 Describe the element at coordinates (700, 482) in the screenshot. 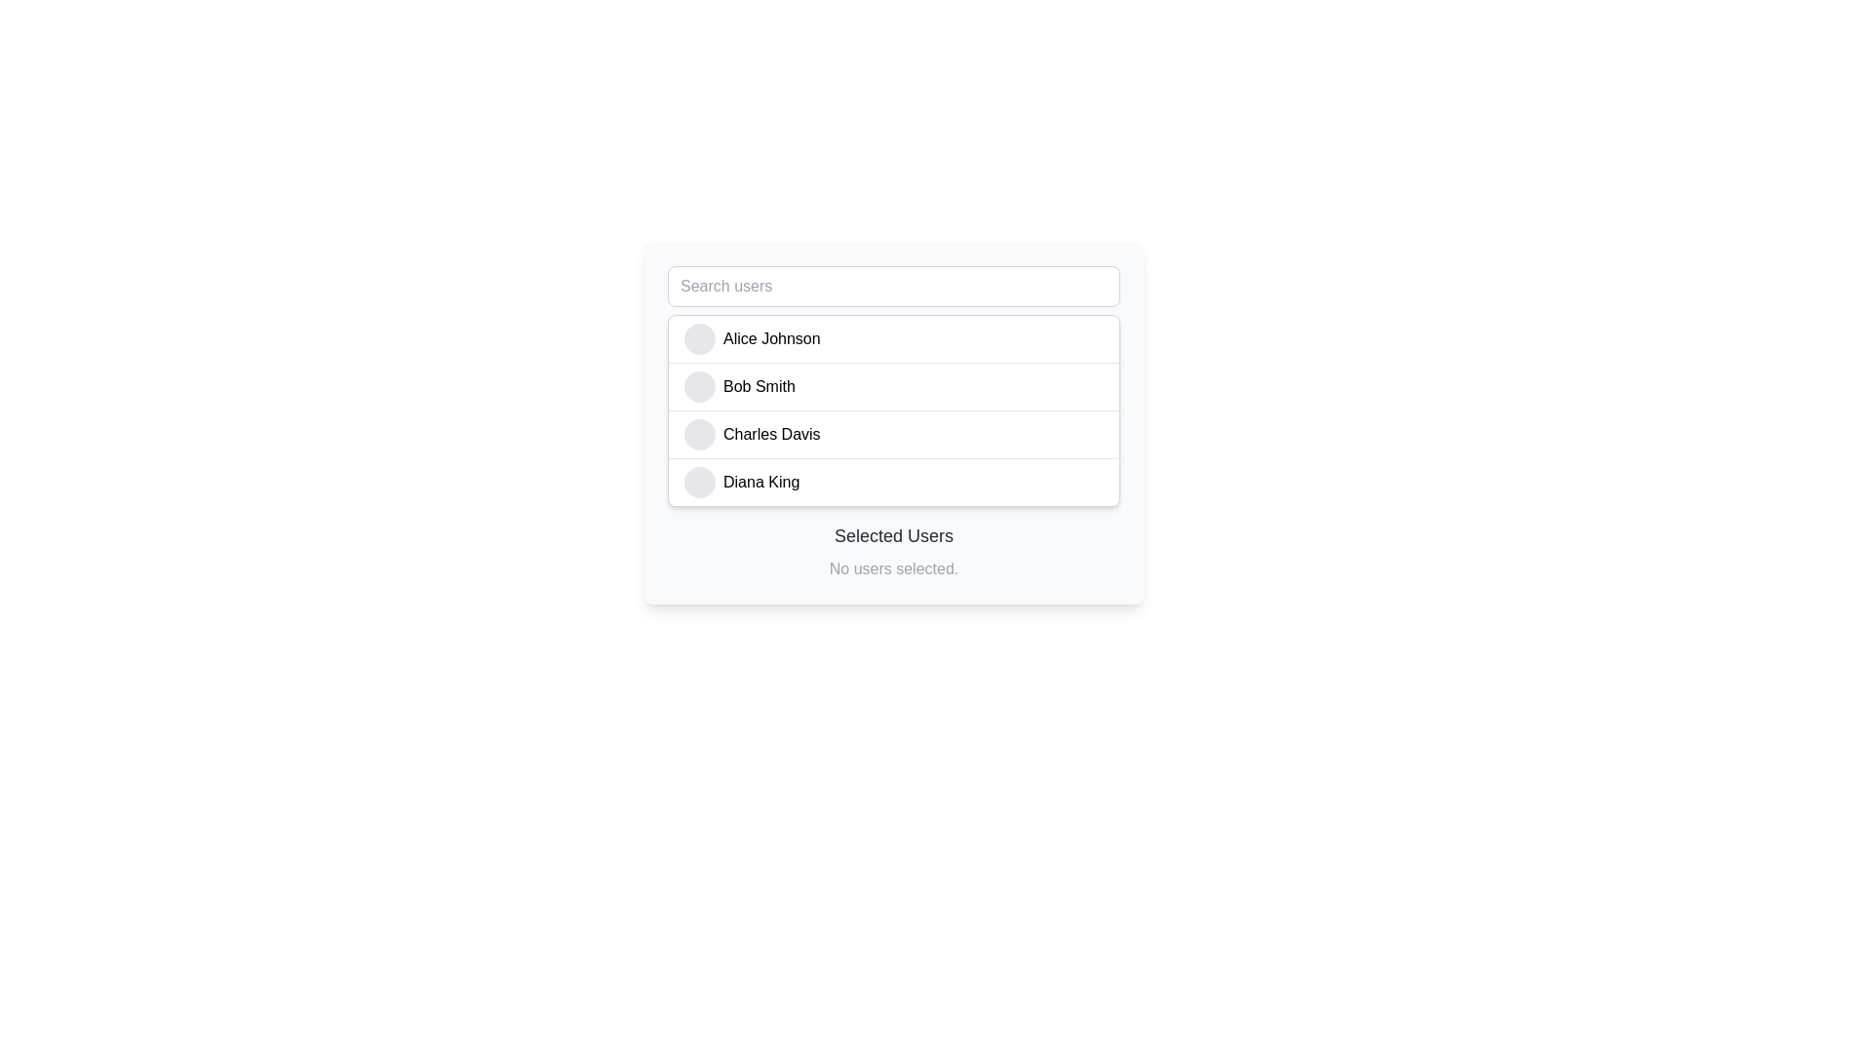

I see `the circular graphical indicator or placeholder for the profile image associated with 'Diana King', located in the last row of the vertical list` at that location.